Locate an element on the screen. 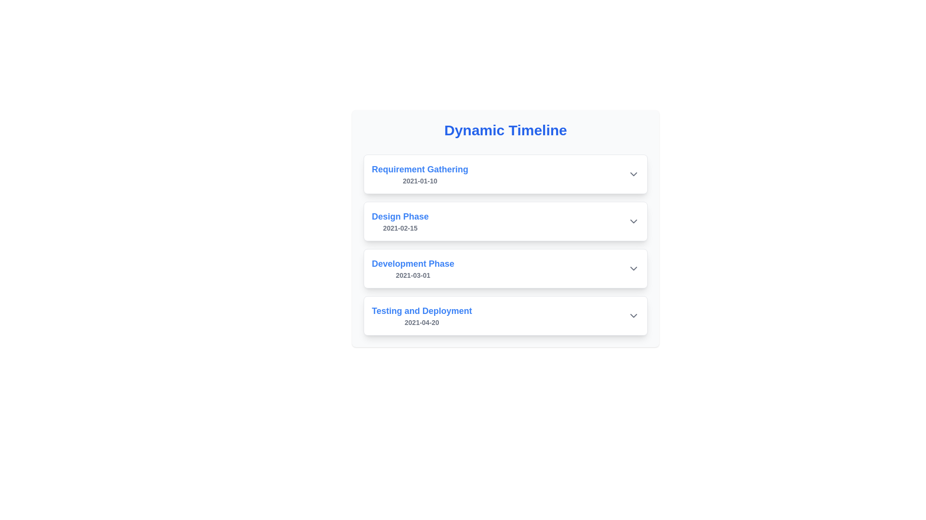 This screenshot has height=520, width=926. the dropdown indicator icon, a small downward arrow located at the right end of the 'Design Phase' box is located at coordinates (634, 221).